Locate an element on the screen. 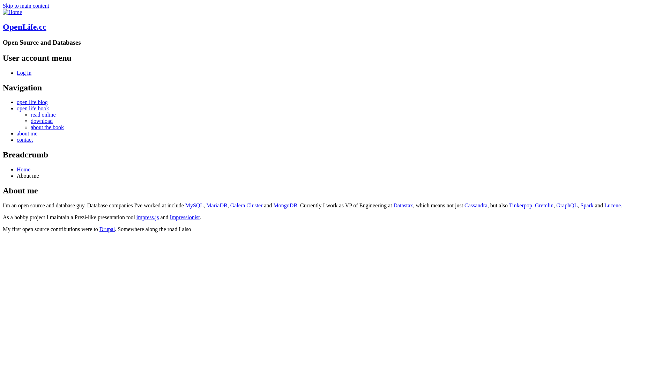  'MariaDB' is located at coordinates (216, 205).